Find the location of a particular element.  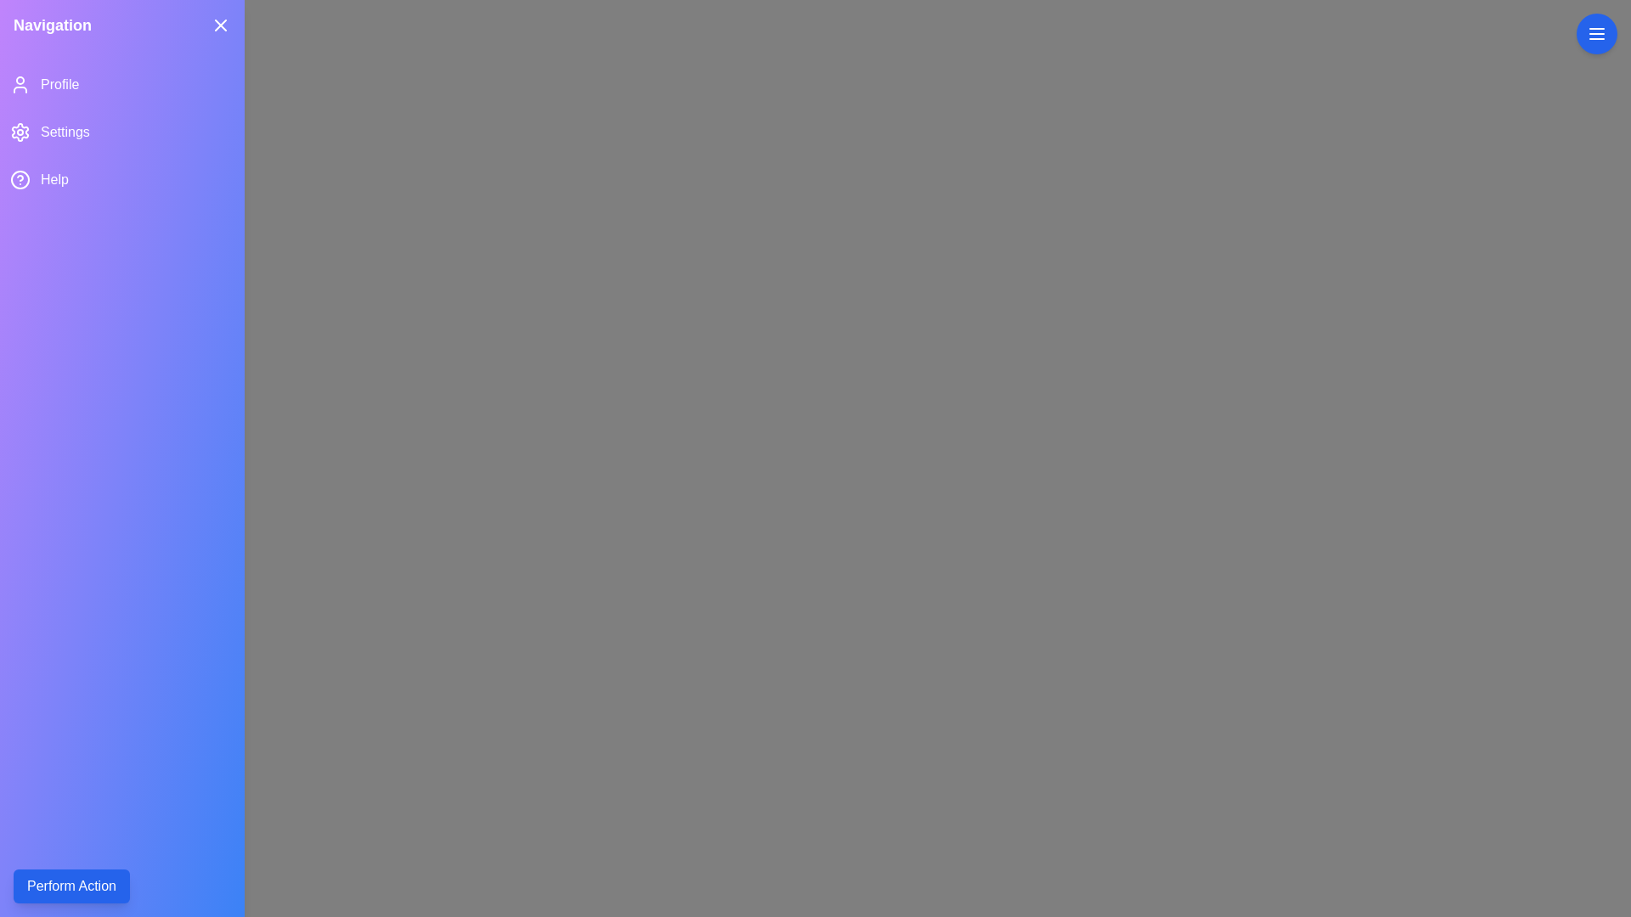

the 'Settings' label in the navigation menu is located at coordinates (65, 131).